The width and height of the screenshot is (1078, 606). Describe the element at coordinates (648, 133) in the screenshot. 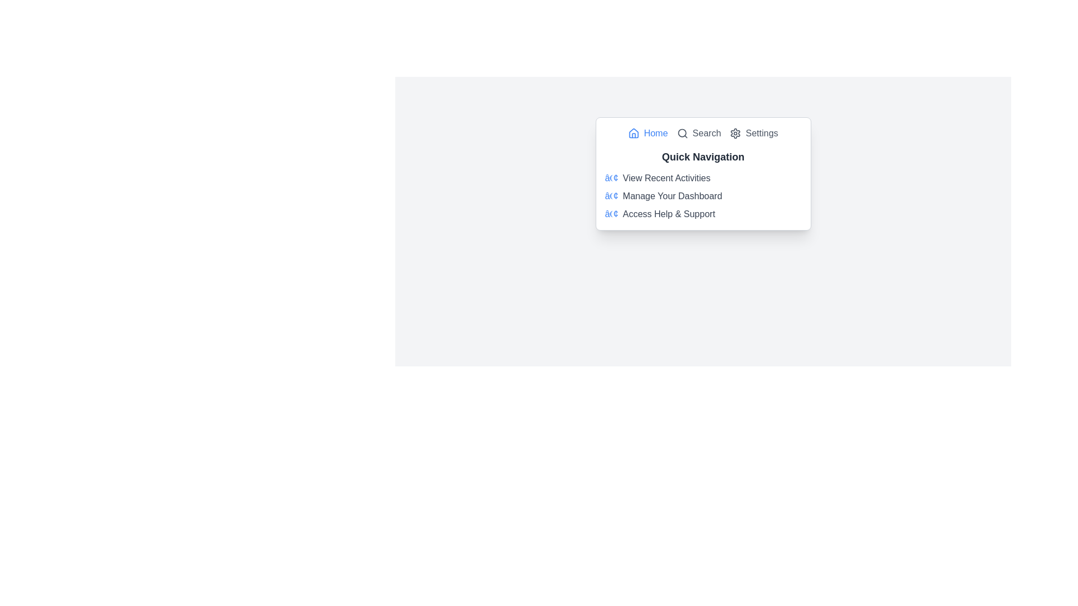

I see `the 'Home' button, which is a blue button featuring a house icon and the text 'Home', located at the top-left corner of the header in a pop-up interface` at that location.